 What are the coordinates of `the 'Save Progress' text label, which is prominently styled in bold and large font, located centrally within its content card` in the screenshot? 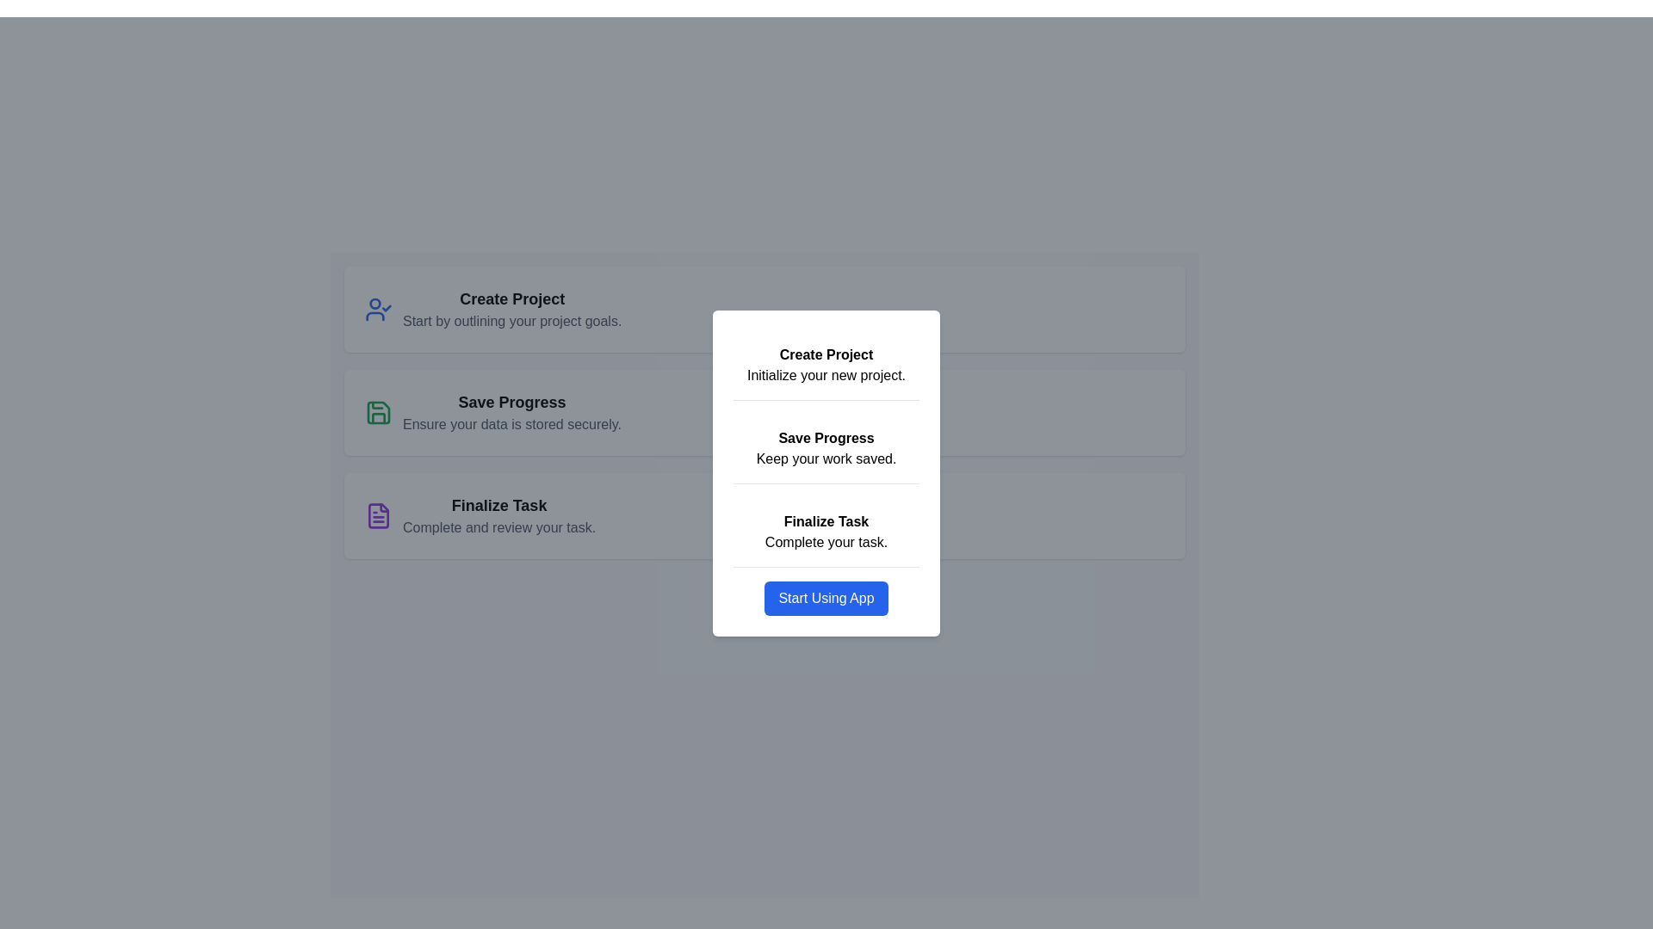 It's located at (511, 402).